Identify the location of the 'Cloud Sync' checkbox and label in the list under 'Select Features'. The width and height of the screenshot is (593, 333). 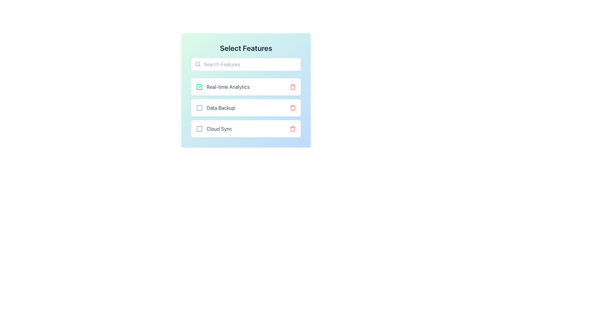
(214, 128).